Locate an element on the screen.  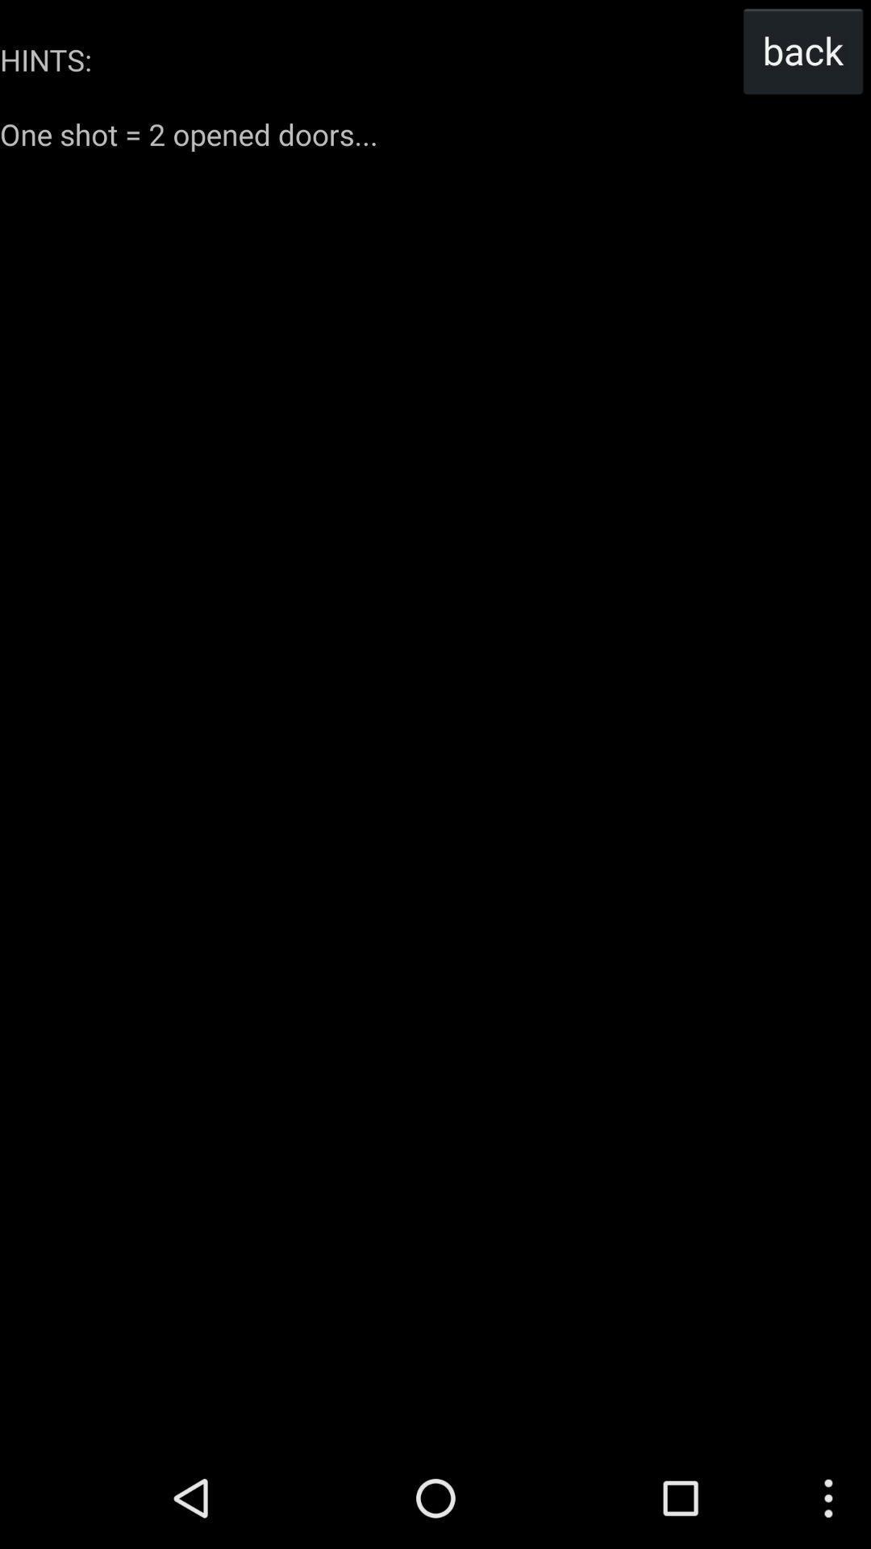
the back is located at coordinates (802, 50).